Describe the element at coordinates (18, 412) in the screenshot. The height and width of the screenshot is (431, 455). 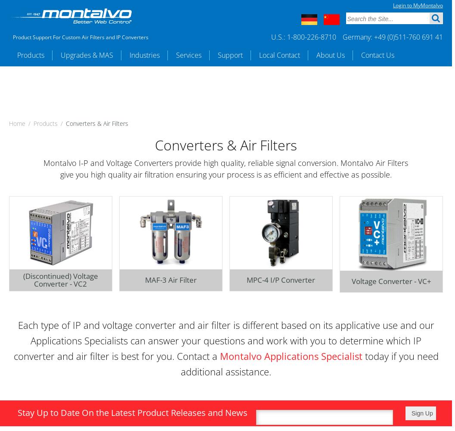
I see `'Stay Up to Date On the Latest Product Releases and News'` at that location.